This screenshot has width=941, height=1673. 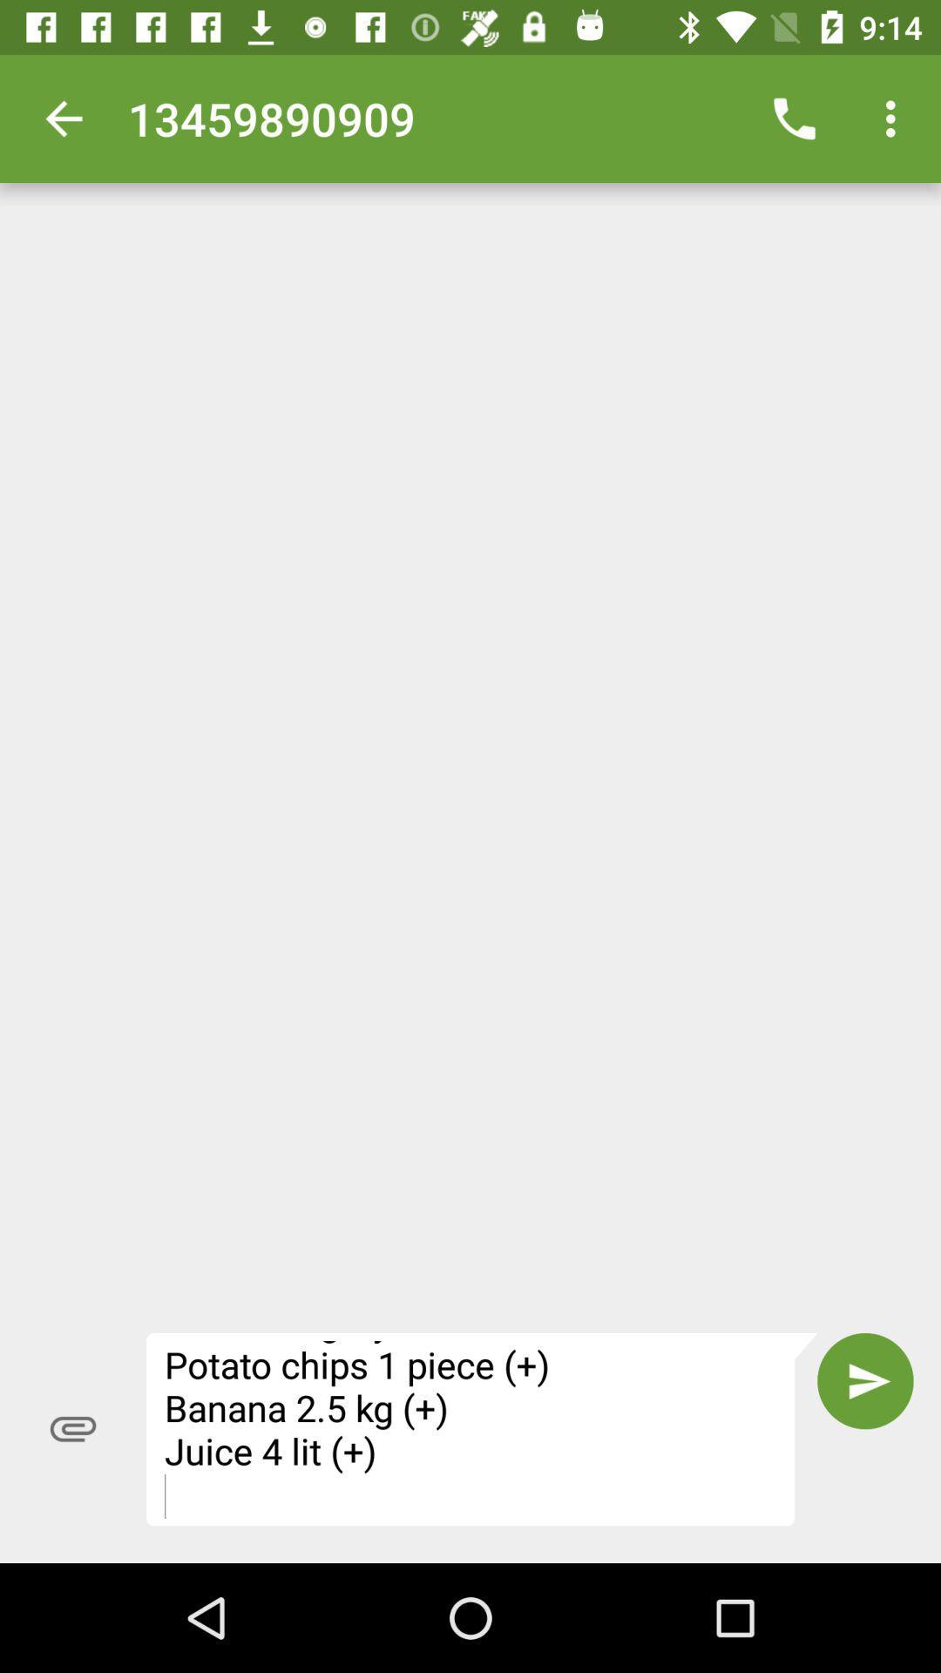 What do you see at coordinates (72, 1429) in the screenshot?
I see `the icon next to fivefly shopping list` at bounding box center [72, 1429].